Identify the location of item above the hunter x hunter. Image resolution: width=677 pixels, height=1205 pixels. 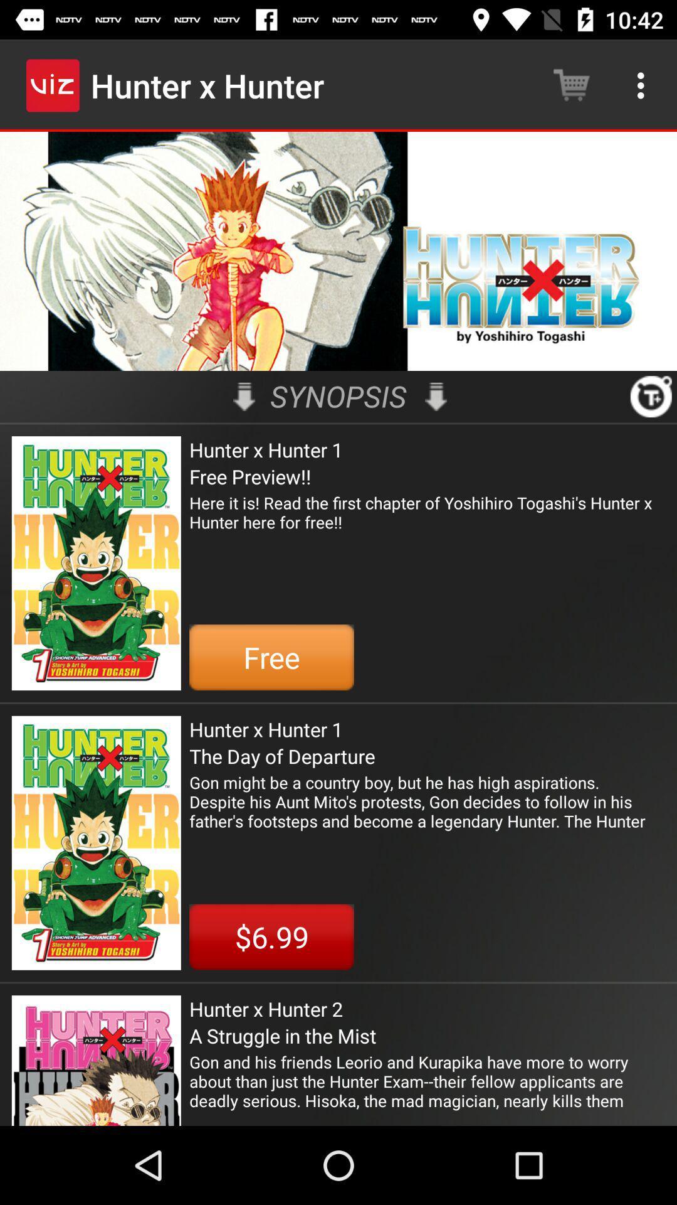
(650, 396).